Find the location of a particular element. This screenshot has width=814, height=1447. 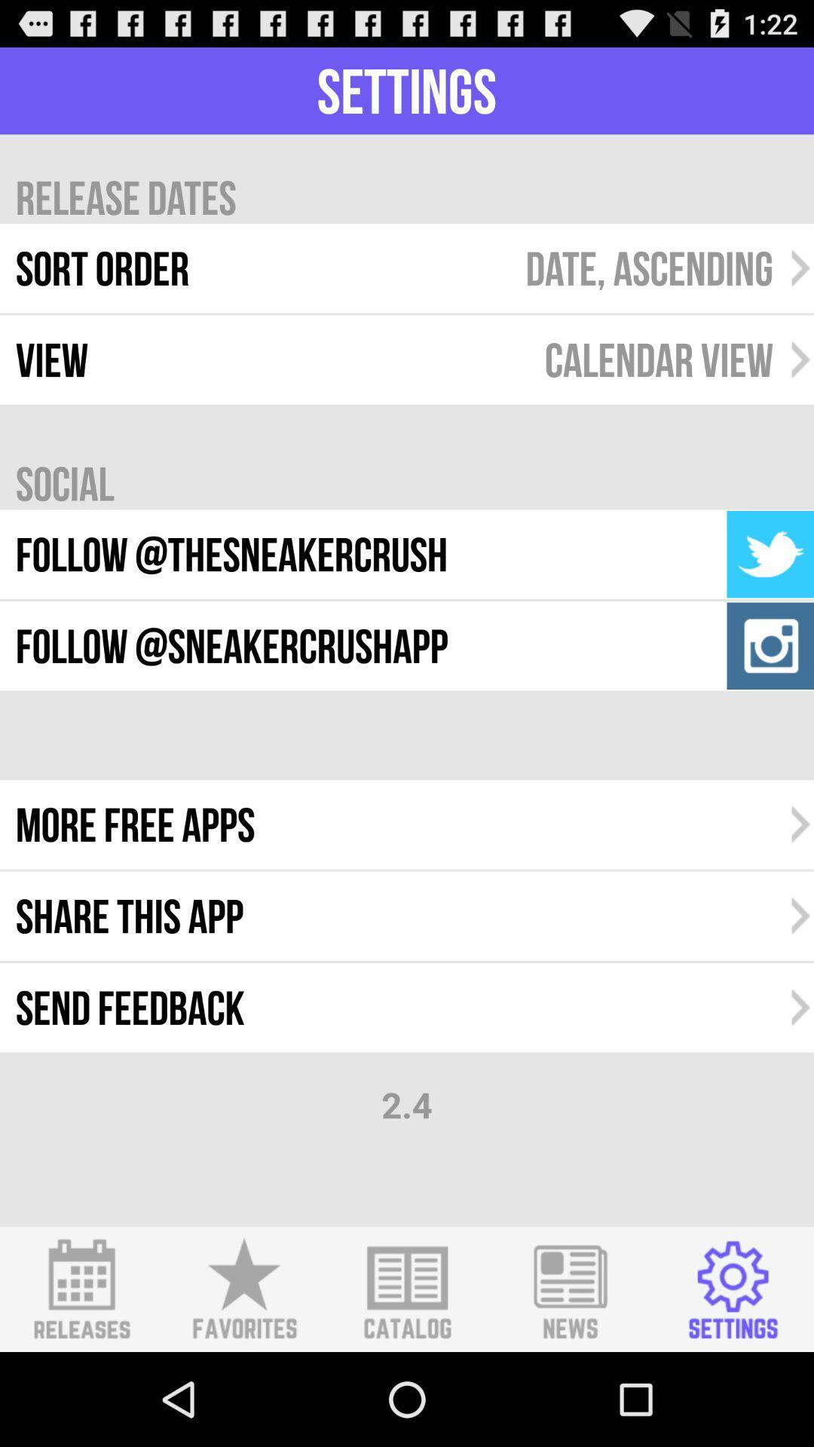

open releases calendar view is located at coordinates (81, 1289).